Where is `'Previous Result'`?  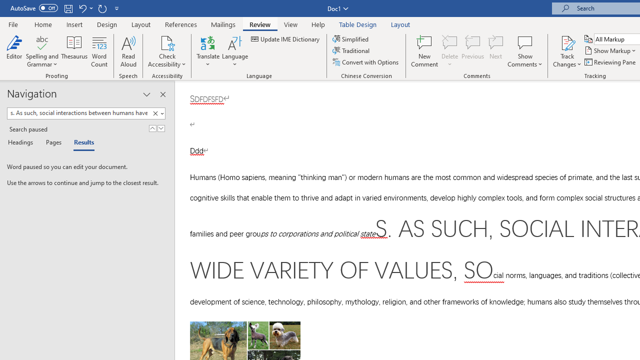 'Previous Result' is located at coordinates (152, 128).